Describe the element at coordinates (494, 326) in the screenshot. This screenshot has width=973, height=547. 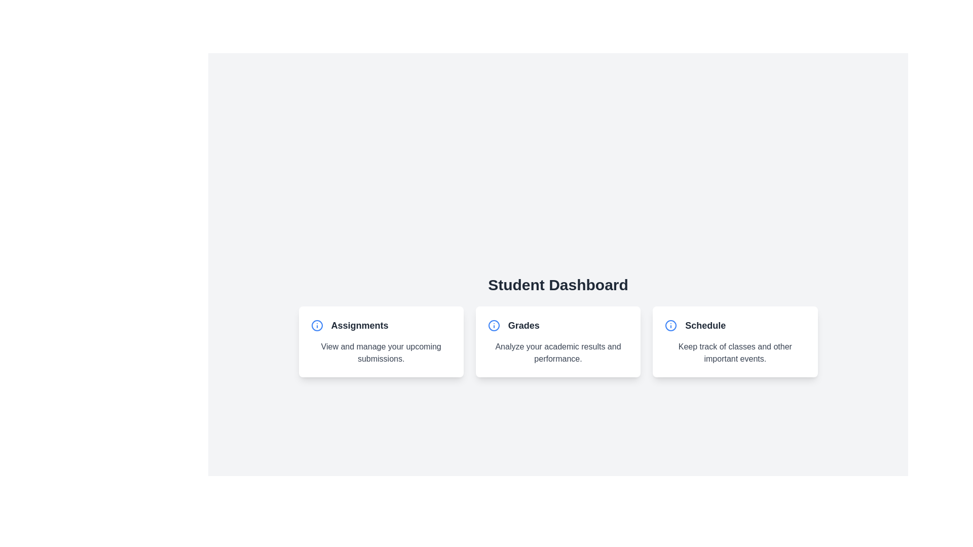
I see `the decorative icon located in the 'Grades' section of the dashboard, adjacent to the bold text 'Grades'` at that location.